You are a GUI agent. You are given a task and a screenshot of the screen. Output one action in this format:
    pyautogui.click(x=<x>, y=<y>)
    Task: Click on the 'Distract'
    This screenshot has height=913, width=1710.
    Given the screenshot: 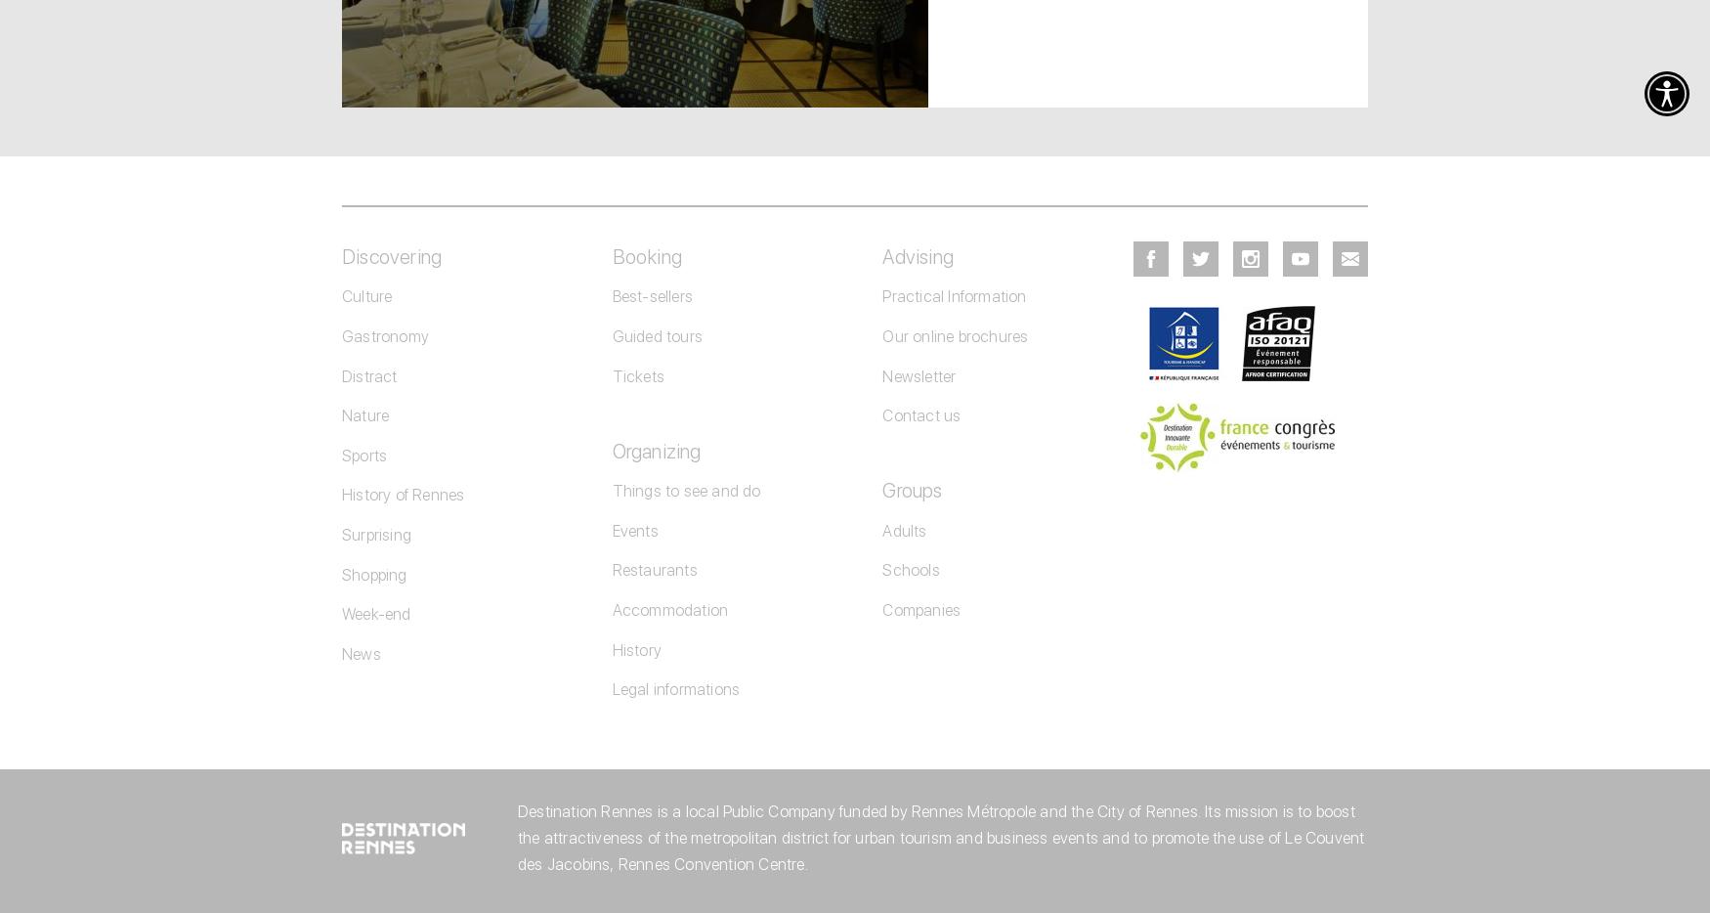 What is the action you would take?
    pyautogui.click(x=342, y=374)
    